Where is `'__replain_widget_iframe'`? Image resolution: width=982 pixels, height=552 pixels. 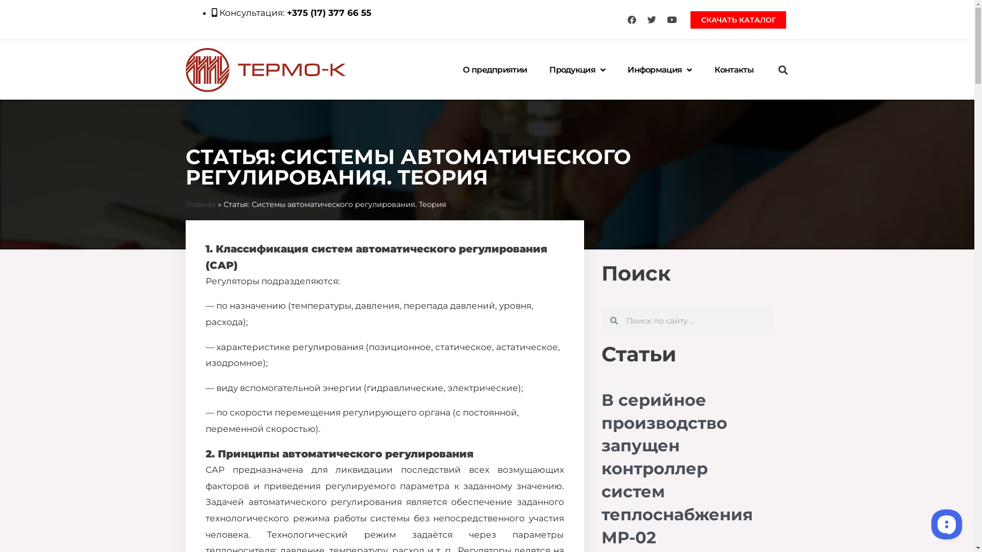 '__replain_widget_iframe' is located at coordinates (928, 524).